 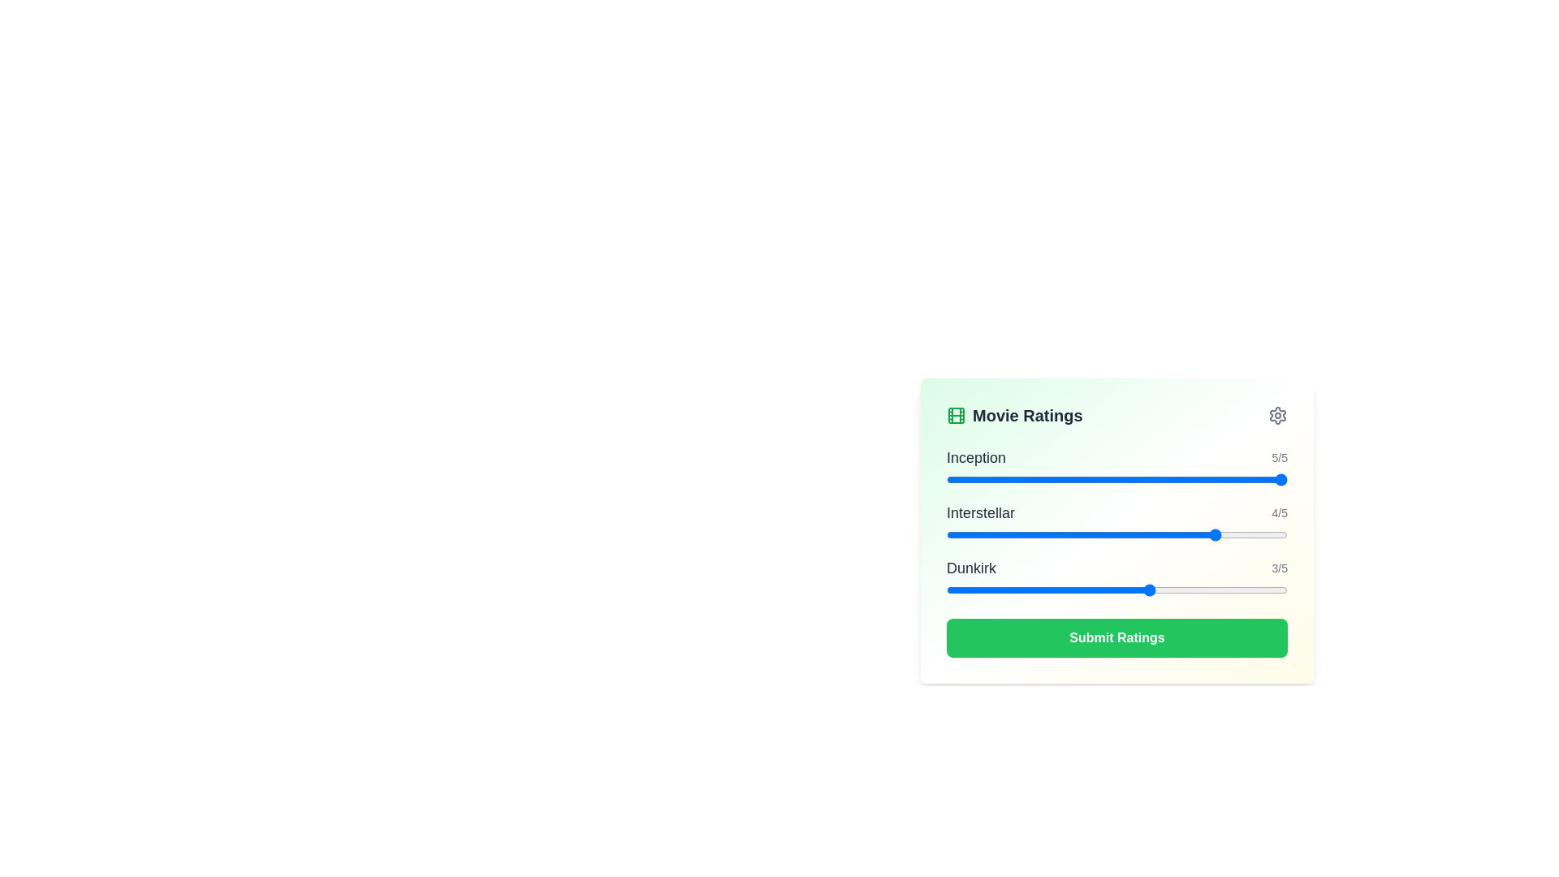 What do you see at coordinates (1116, 637) in the screenshot?
I see `the 'Submit Ratings' button with a bright green background, which is located at the bottom of the 'Movie Ratings' panel` at bounding box center [1116, 637].